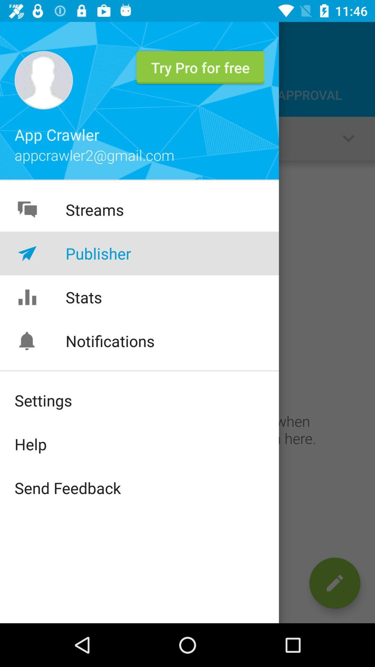 The image size is (375, 667). I want to click on the edit icon, so click(334, 583).